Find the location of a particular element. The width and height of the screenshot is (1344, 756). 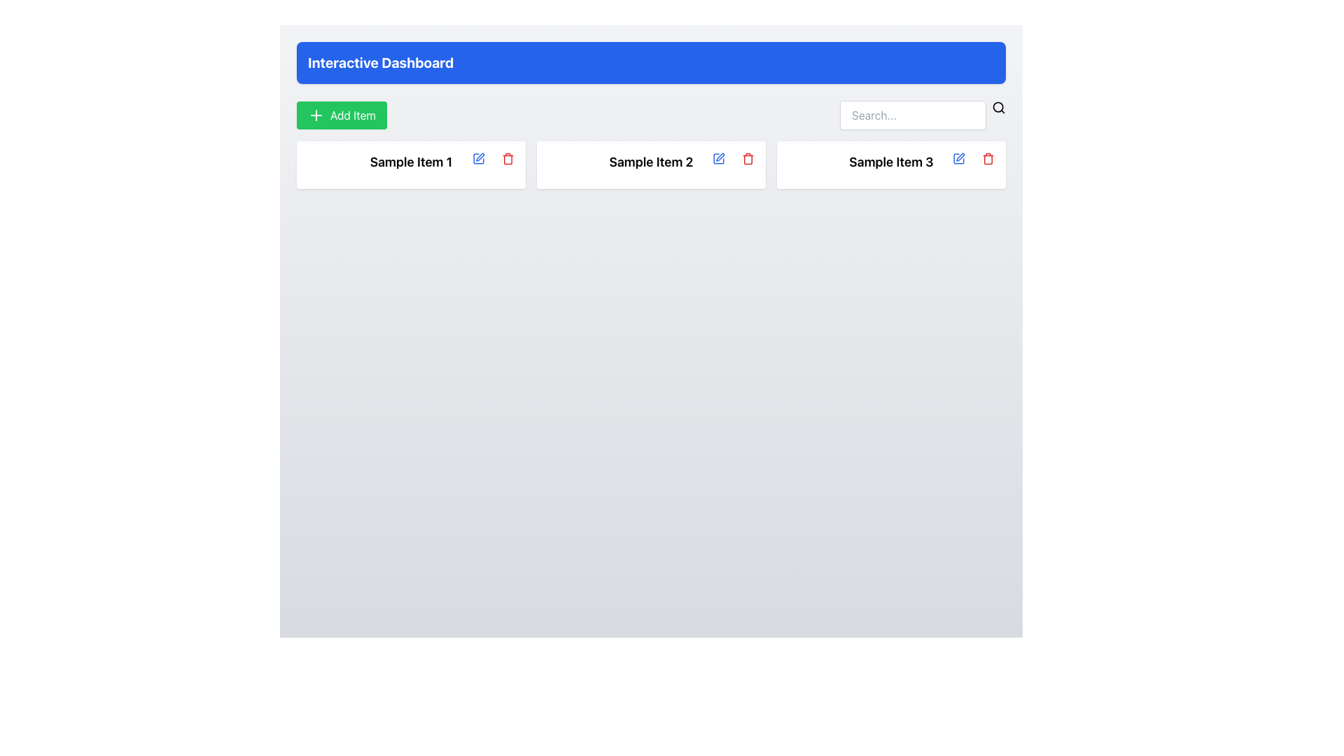

the 'edit' button located in the top-right corner of the card labeled 'Sample Item 2', which is the second icon among the group of action links is located at coordinates (720, 157).